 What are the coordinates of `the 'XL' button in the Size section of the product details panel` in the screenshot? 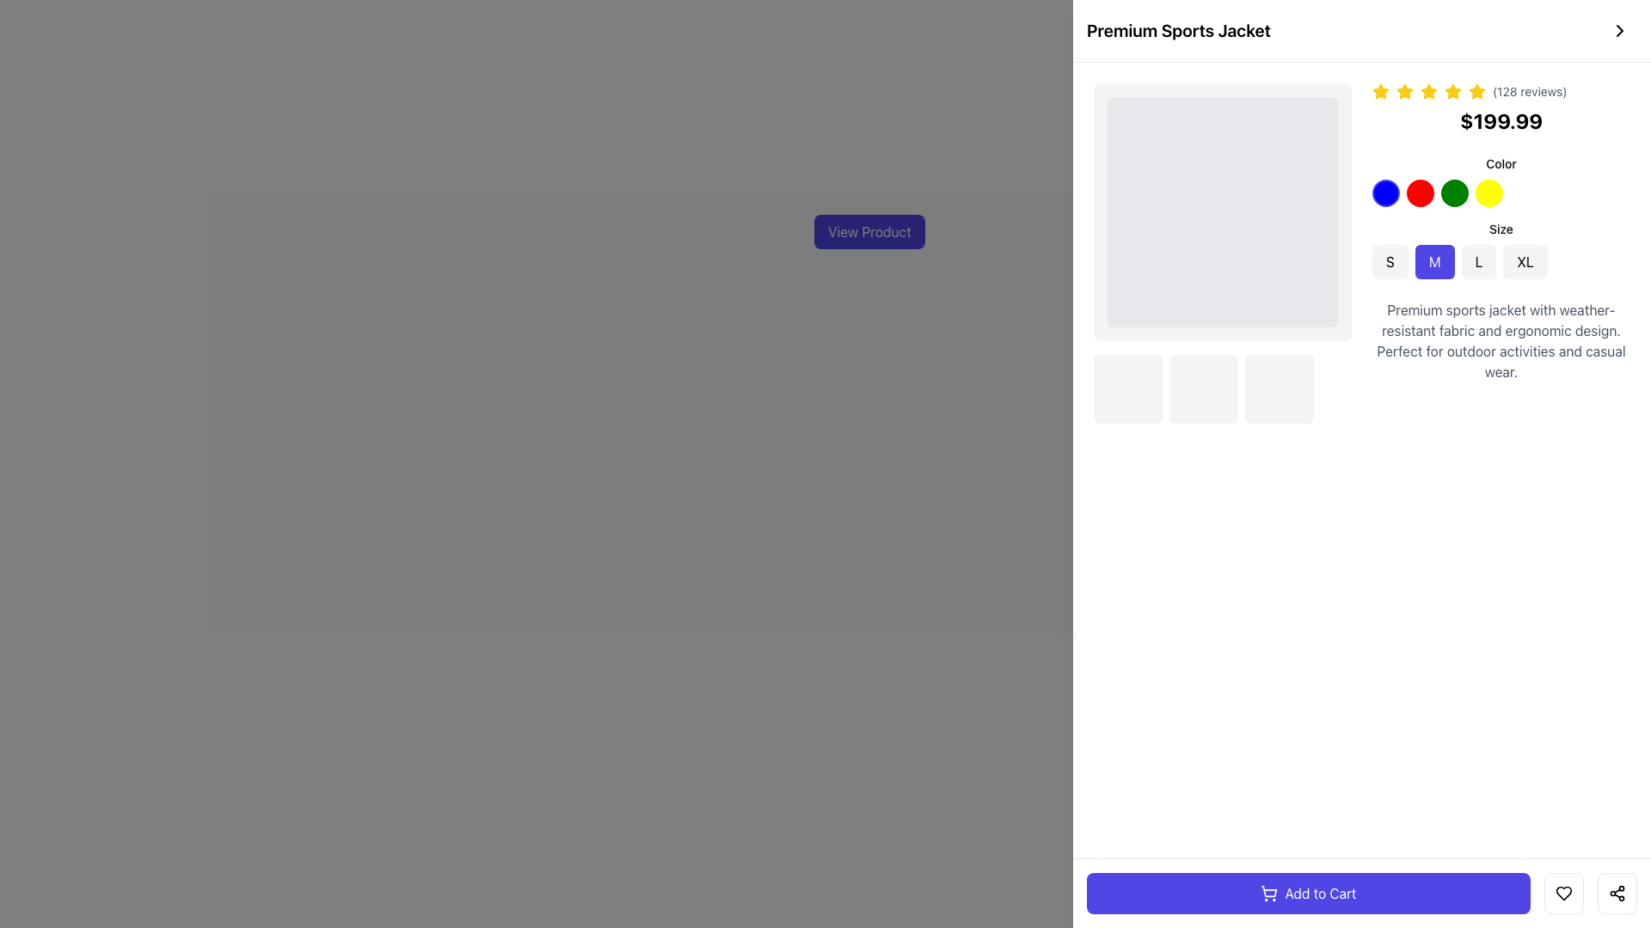 It's located at (1525, 261).